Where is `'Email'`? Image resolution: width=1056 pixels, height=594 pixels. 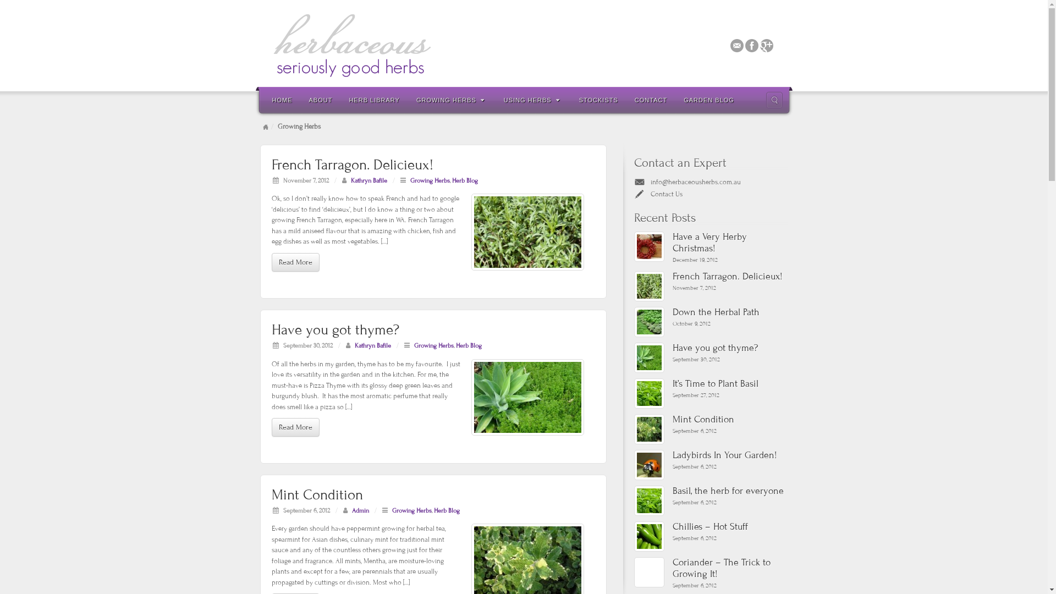
'Email' is located at coordinates (737, 44).